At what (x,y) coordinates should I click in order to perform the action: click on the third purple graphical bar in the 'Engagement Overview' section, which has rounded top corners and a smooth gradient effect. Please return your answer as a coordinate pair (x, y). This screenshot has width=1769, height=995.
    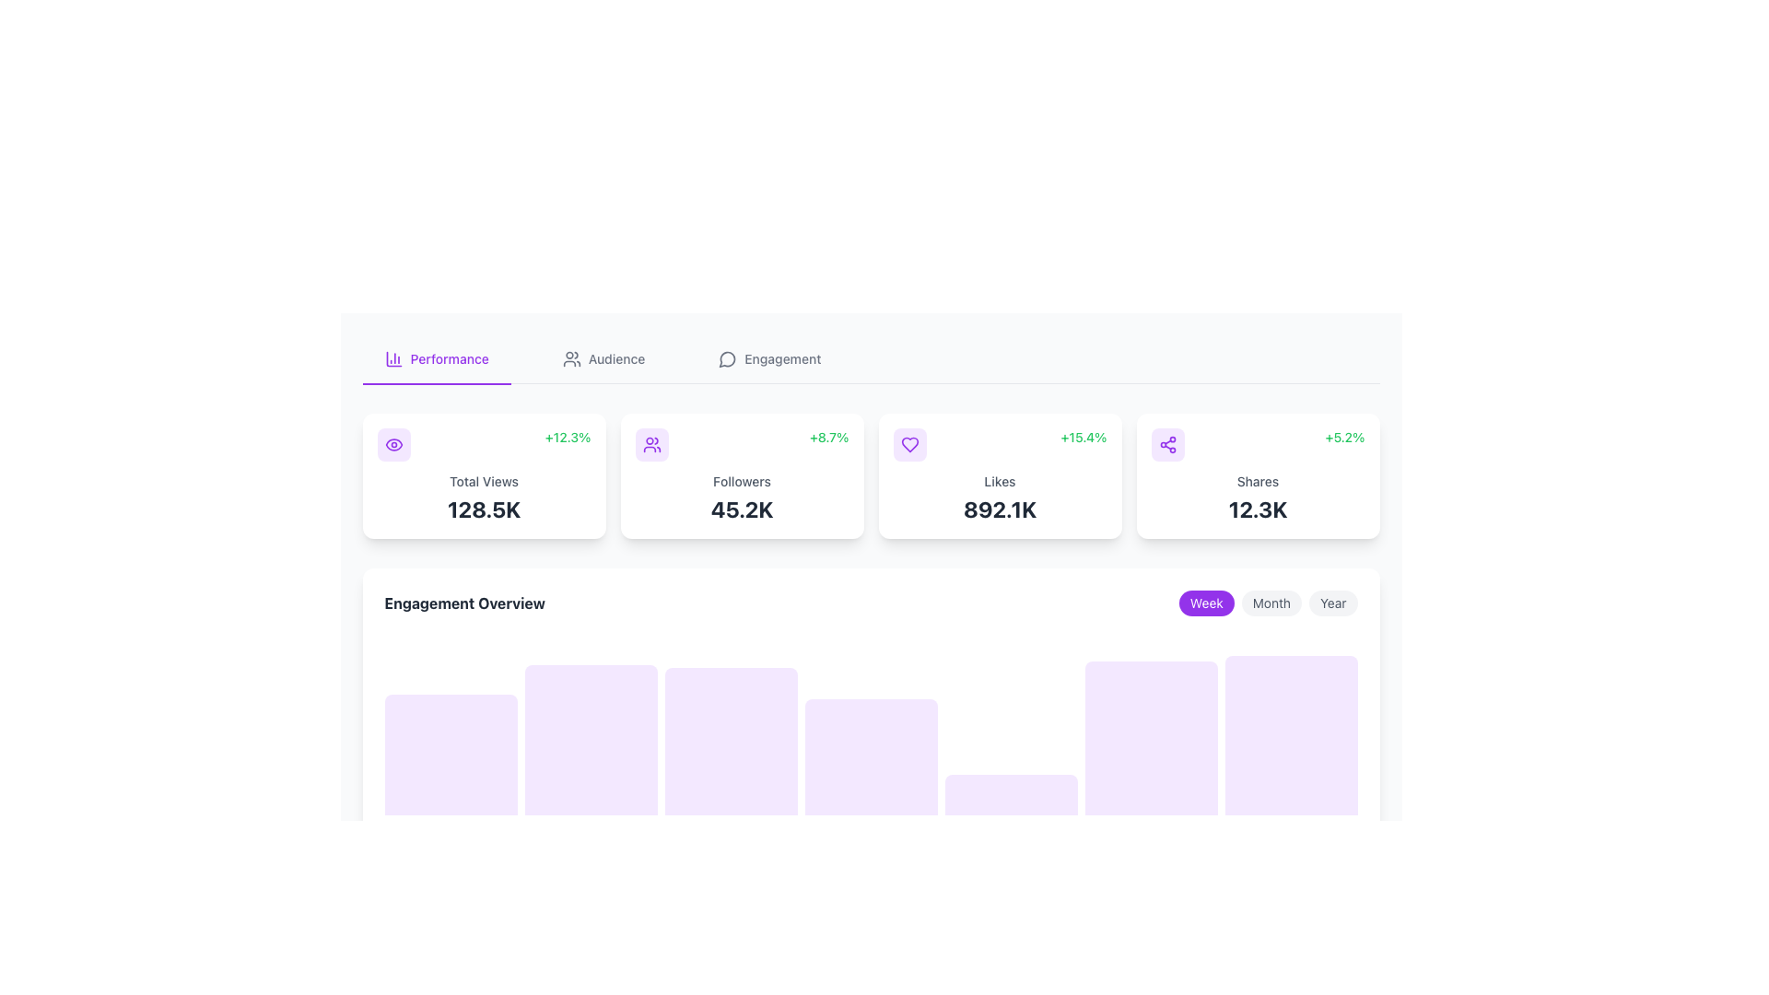
    Looking at the image, I should click on (730, 741).